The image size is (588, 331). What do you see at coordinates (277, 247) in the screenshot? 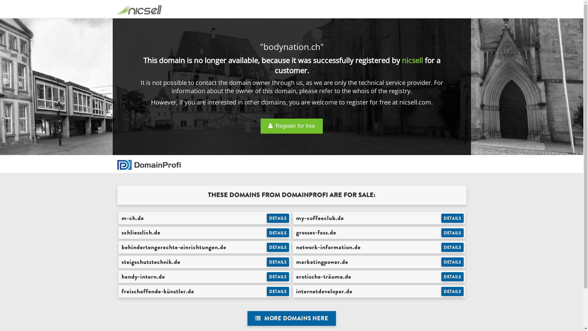
I see `'DETAILS'` at bounding box center [277, 247].